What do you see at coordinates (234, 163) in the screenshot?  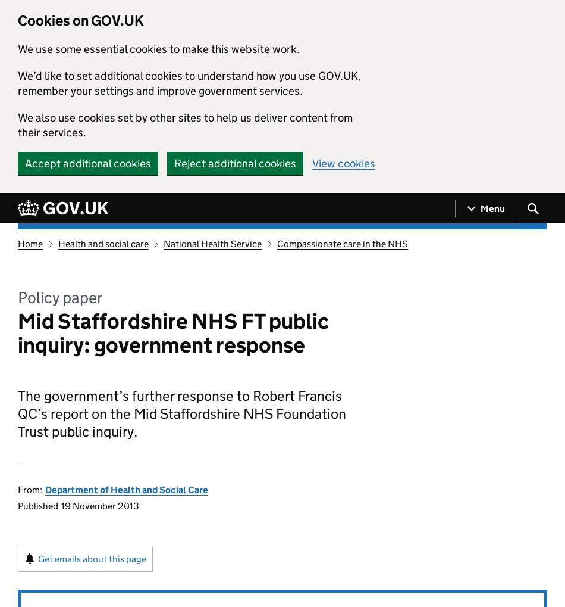 I see `'Reject additional cookies'` at bounding box center [234, 163].